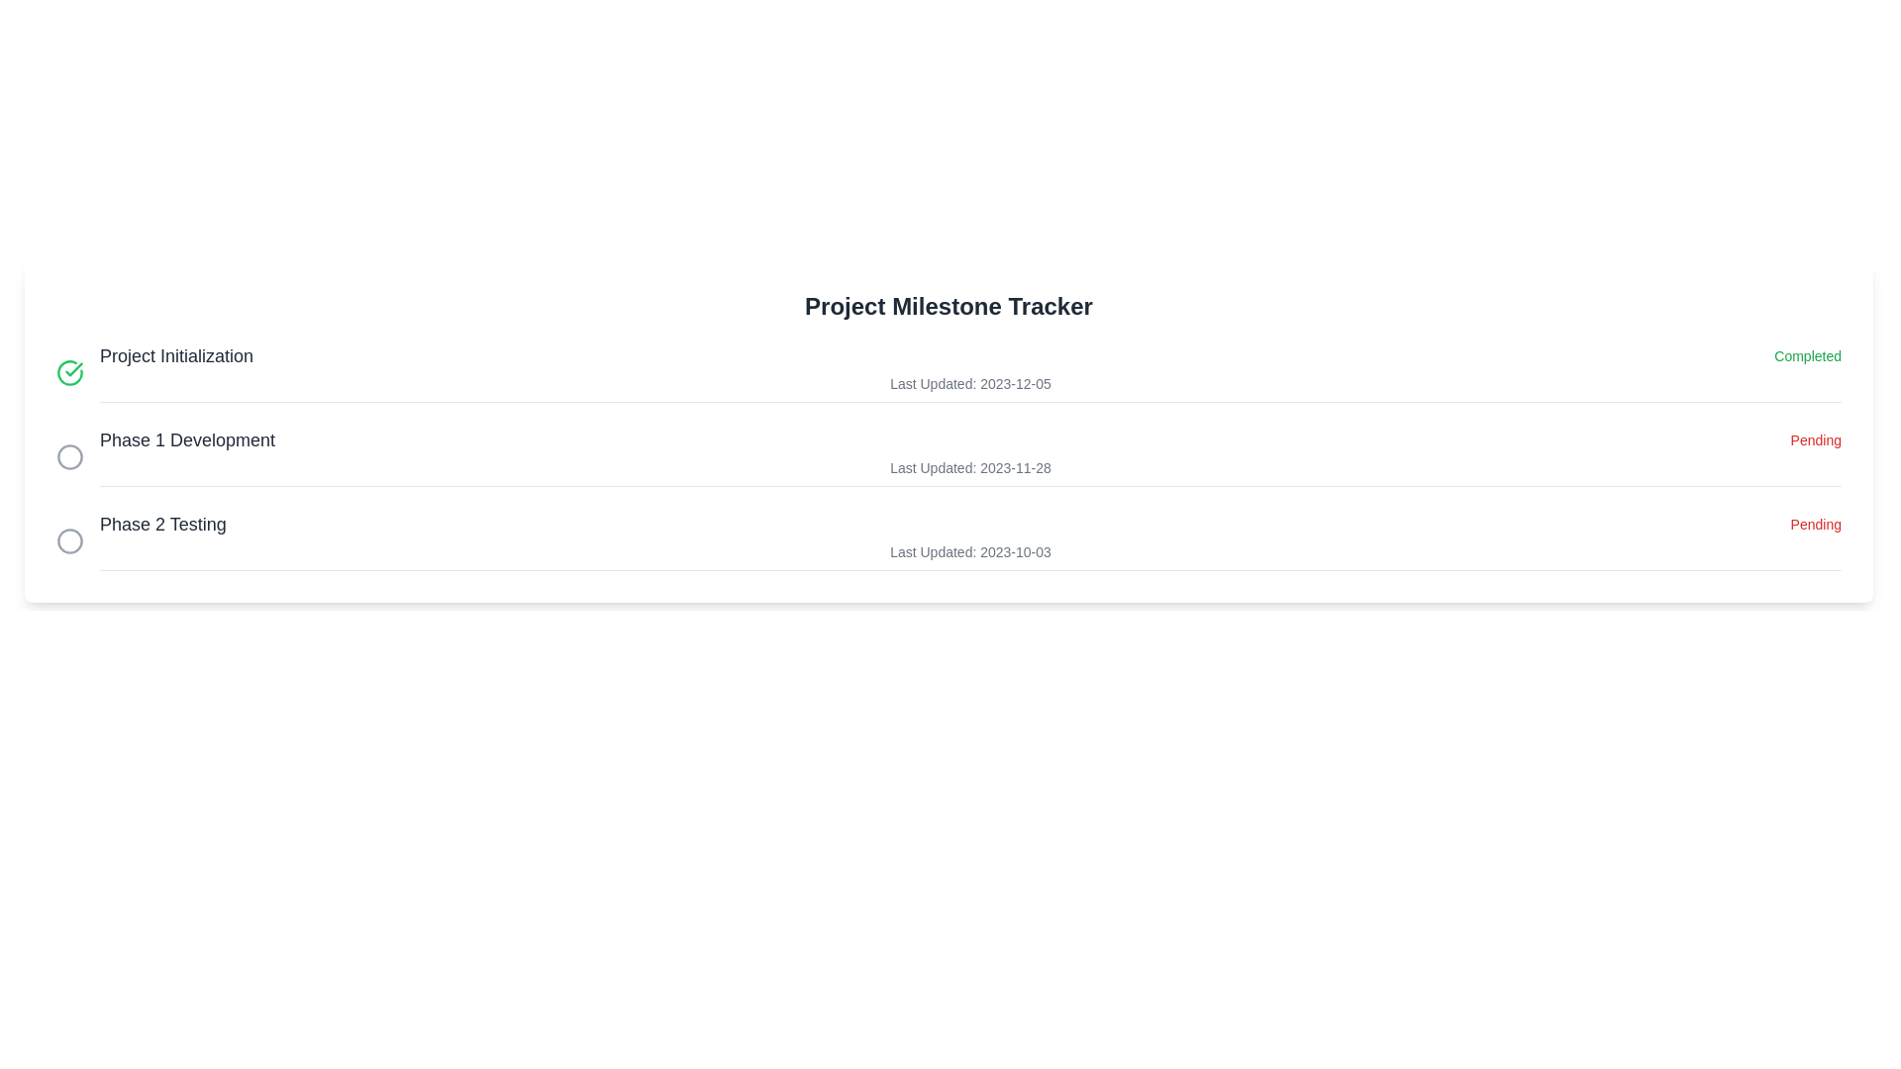 The height and width of the screenshot is (1069, 1901). I want to click on the static informational display element that presents the project phase's name, current status, and last update date, located between 'Project Initialization' and 'Phase 2 Testing', so click(970, 456).